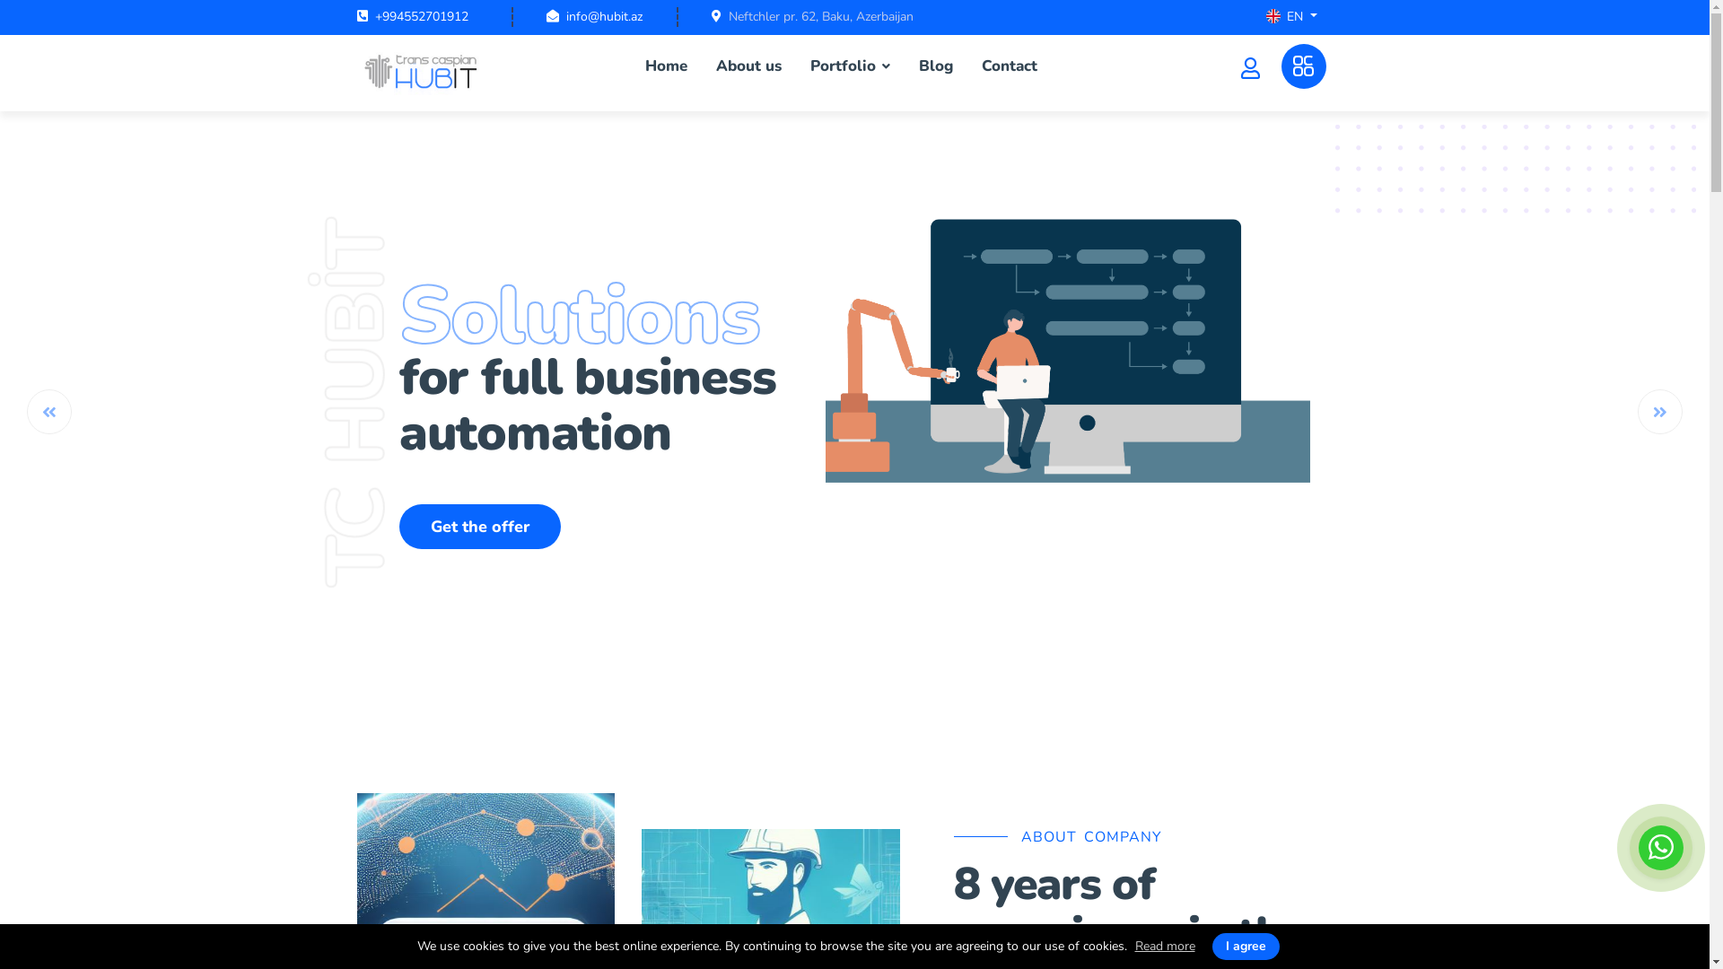  What do you see at coordinates (905, 65) in the screenshot?
I see `'Blog'` at bounding box center [905, 65].